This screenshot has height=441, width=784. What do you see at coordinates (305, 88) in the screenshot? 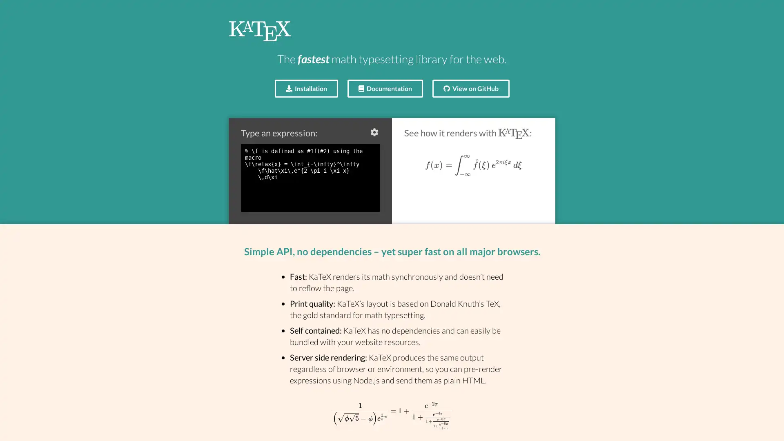
I see `Installation` at bounding box center [305, 88].